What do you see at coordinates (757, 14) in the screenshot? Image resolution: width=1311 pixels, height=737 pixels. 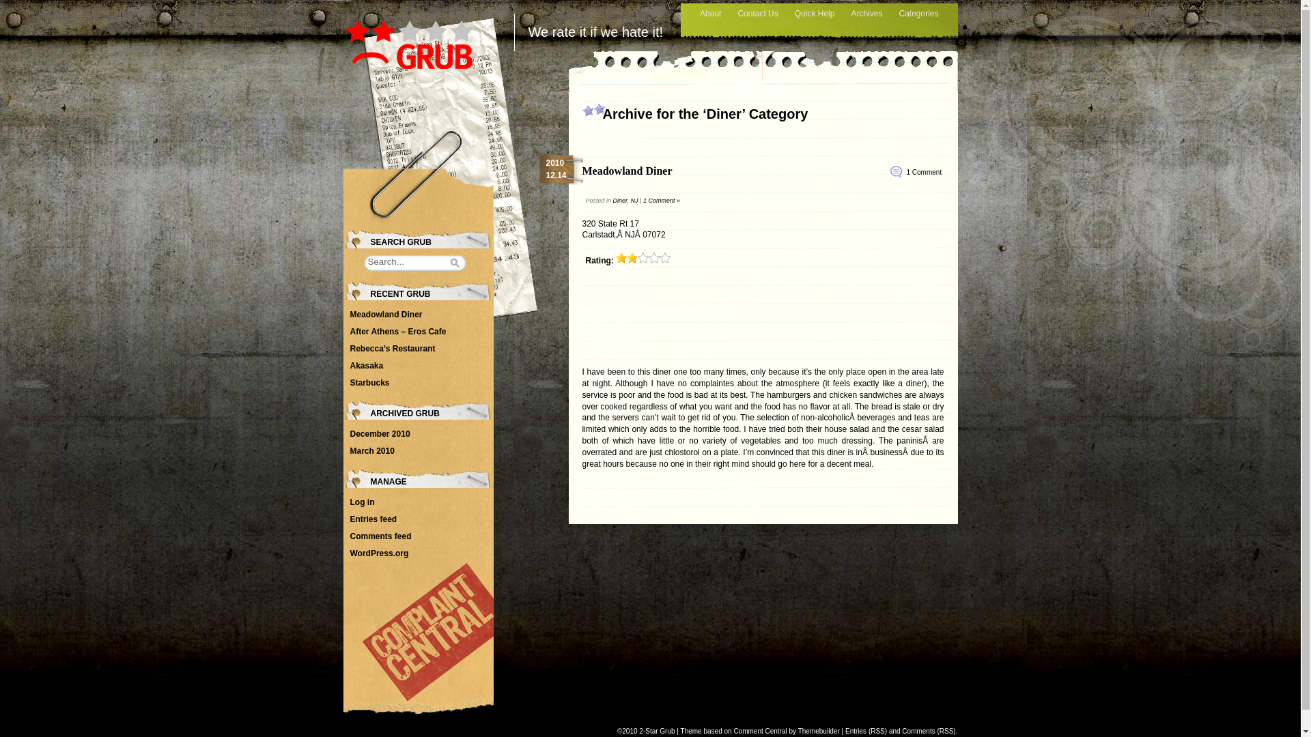 I see `'Contact Us'` at bounding box center [757, 14].